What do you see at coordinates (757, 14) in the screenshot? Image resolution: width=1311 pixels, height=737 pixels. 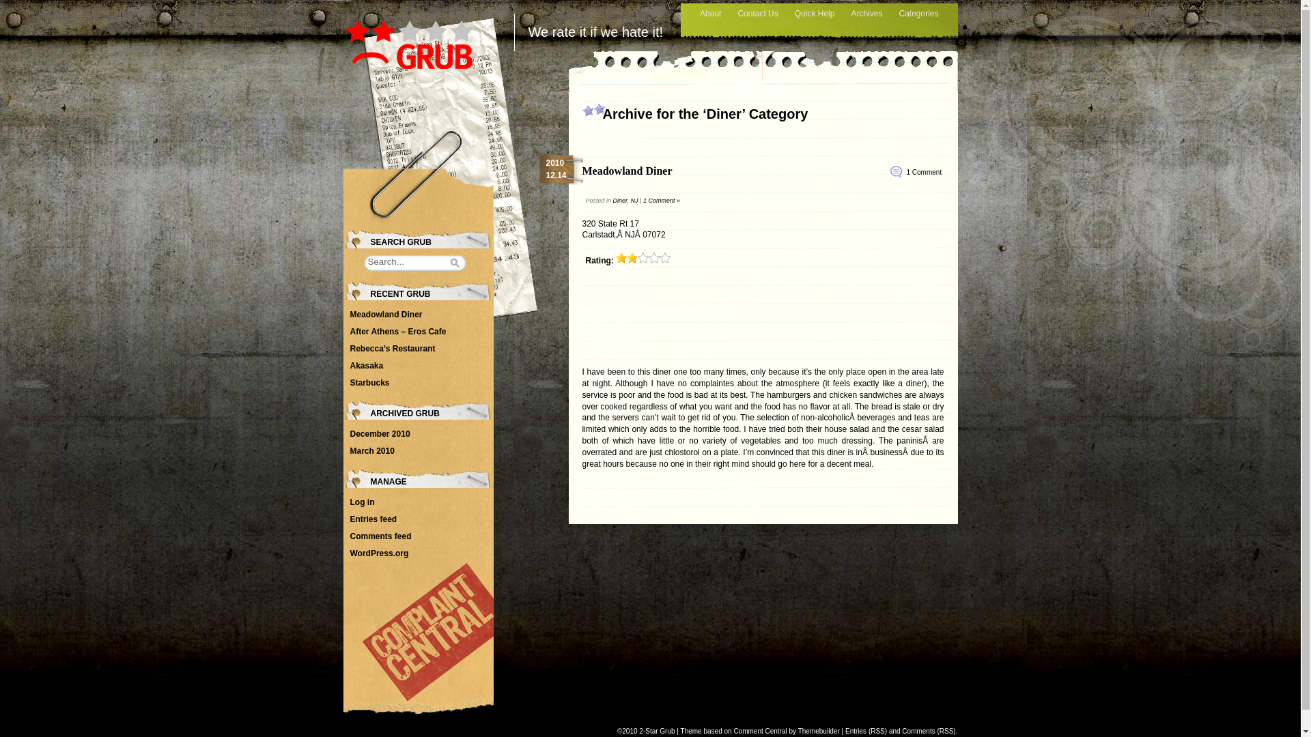 I see `'Contact Us'` at bounding box center [757, 14].